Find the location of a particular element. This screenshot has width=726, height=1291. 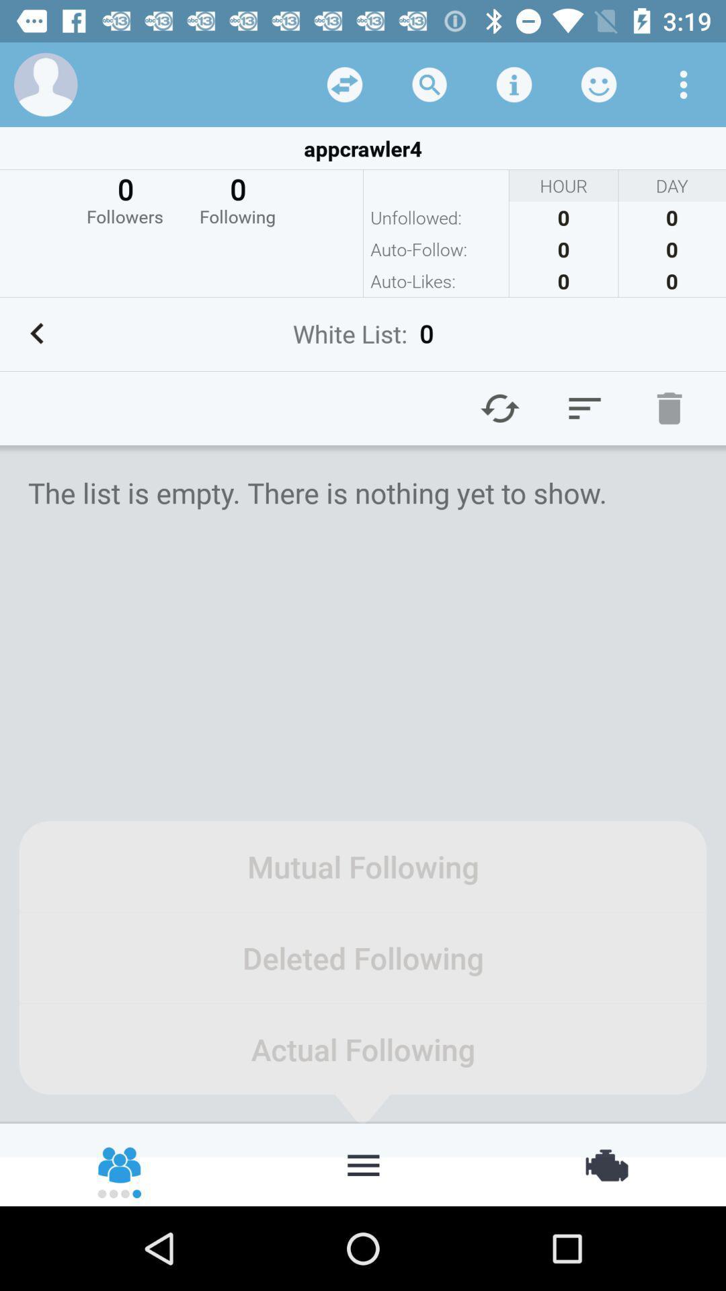

menu option is located at coordinates (684, 83).